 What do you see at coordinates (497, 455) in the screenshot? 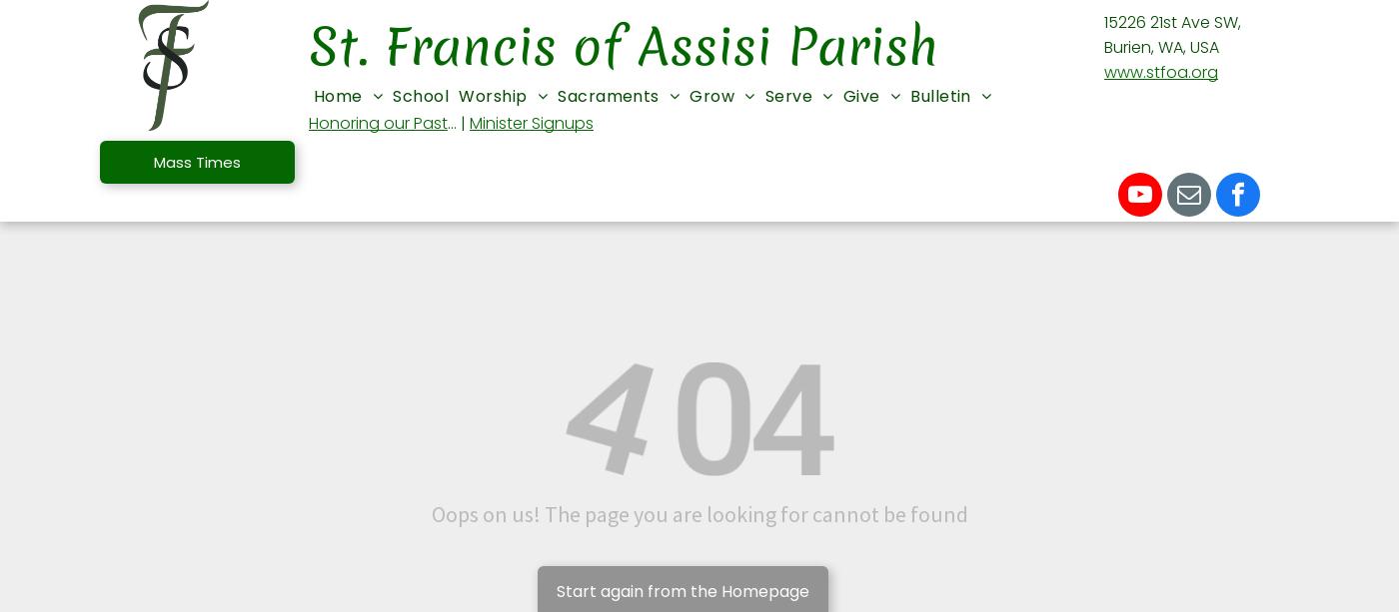
I see `'Rosary'` at bounding box center [497, 455].